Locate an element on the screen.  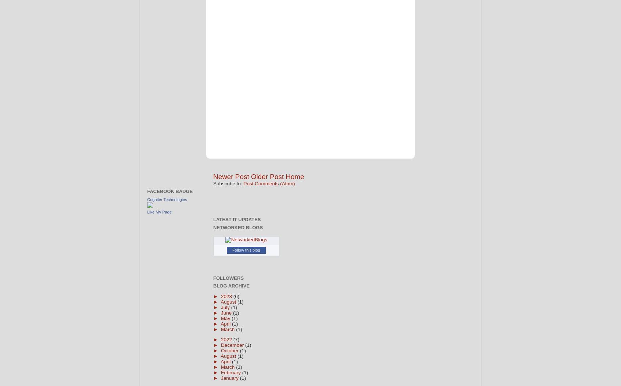
'December' is located at coordinates (232, 345).